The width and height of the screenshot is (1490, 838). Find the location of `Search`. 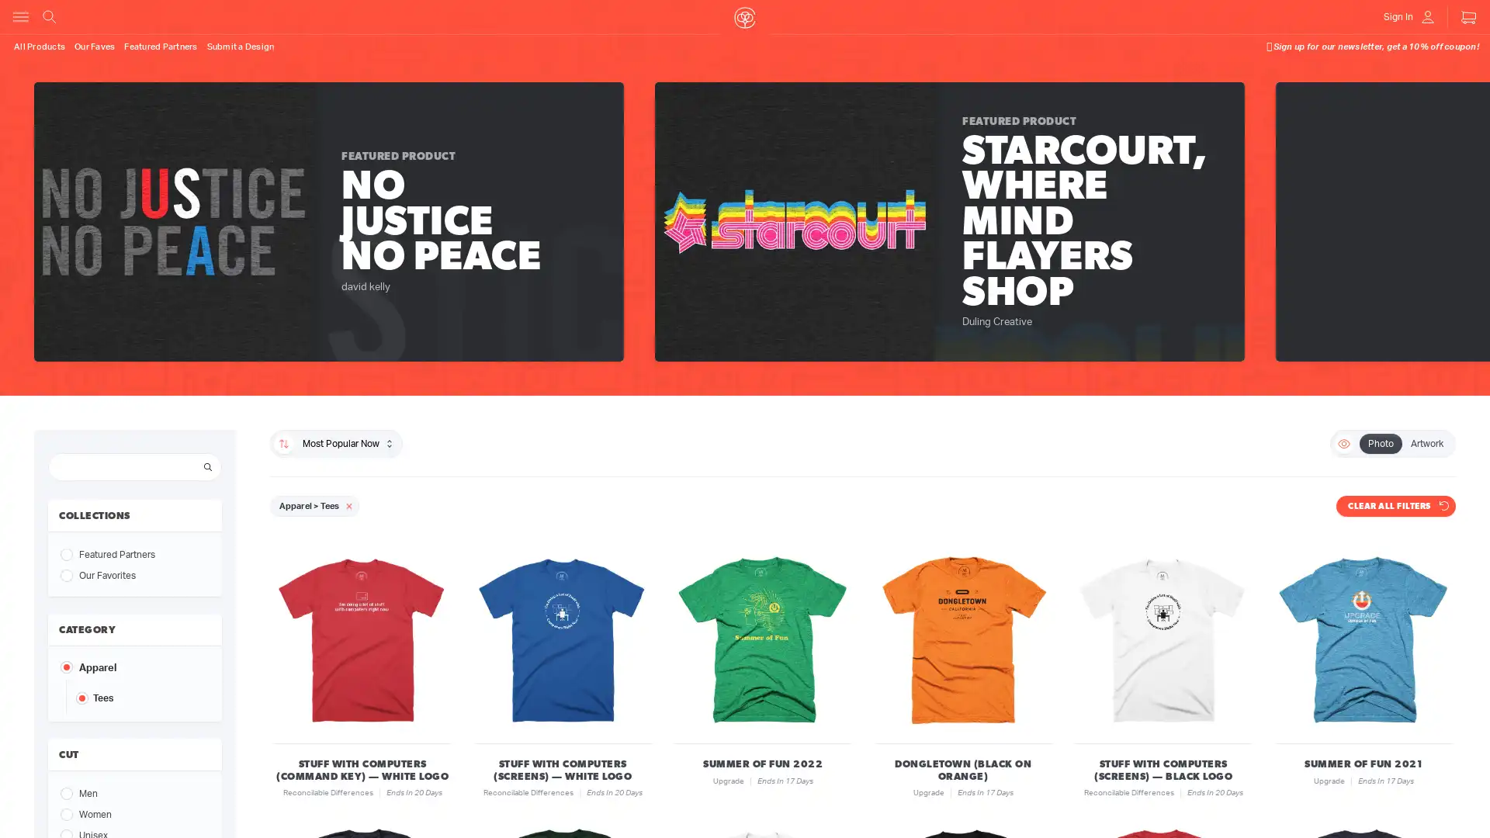

Search is located at coordinates (207, 487).